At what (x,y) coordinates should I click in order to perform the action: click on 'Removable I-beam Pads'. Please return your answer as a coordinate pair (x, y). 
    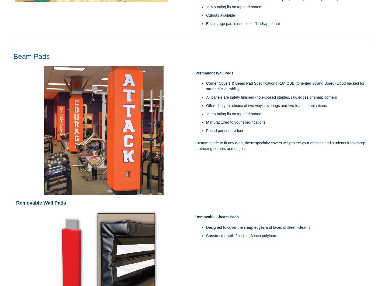
    Looking at the image, I should click on (217, 217).